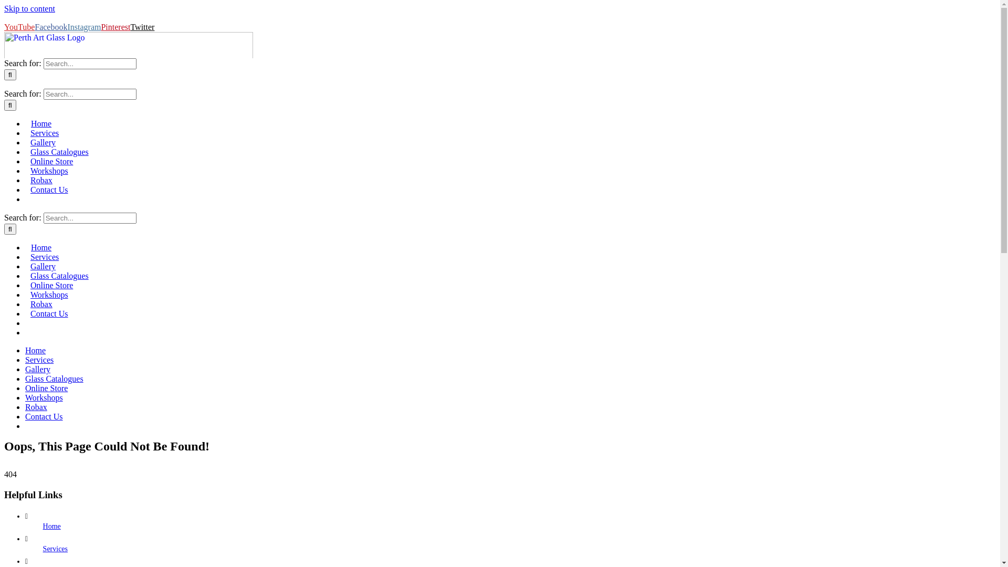 The width and height of the screenshot is (1008, 567). Describe the element at coordinates (19, 26) in the screenshot. I see `'YouTube'` at that location.